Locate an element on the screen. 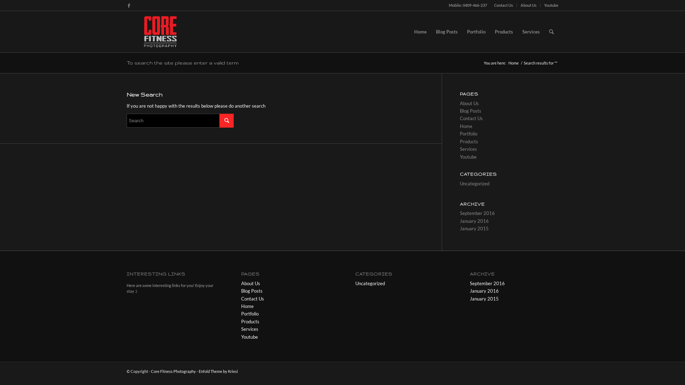 Image resolution: width=685 pixels, height=385 pixels. 'January 2016' is located at coordinates (460, 221).